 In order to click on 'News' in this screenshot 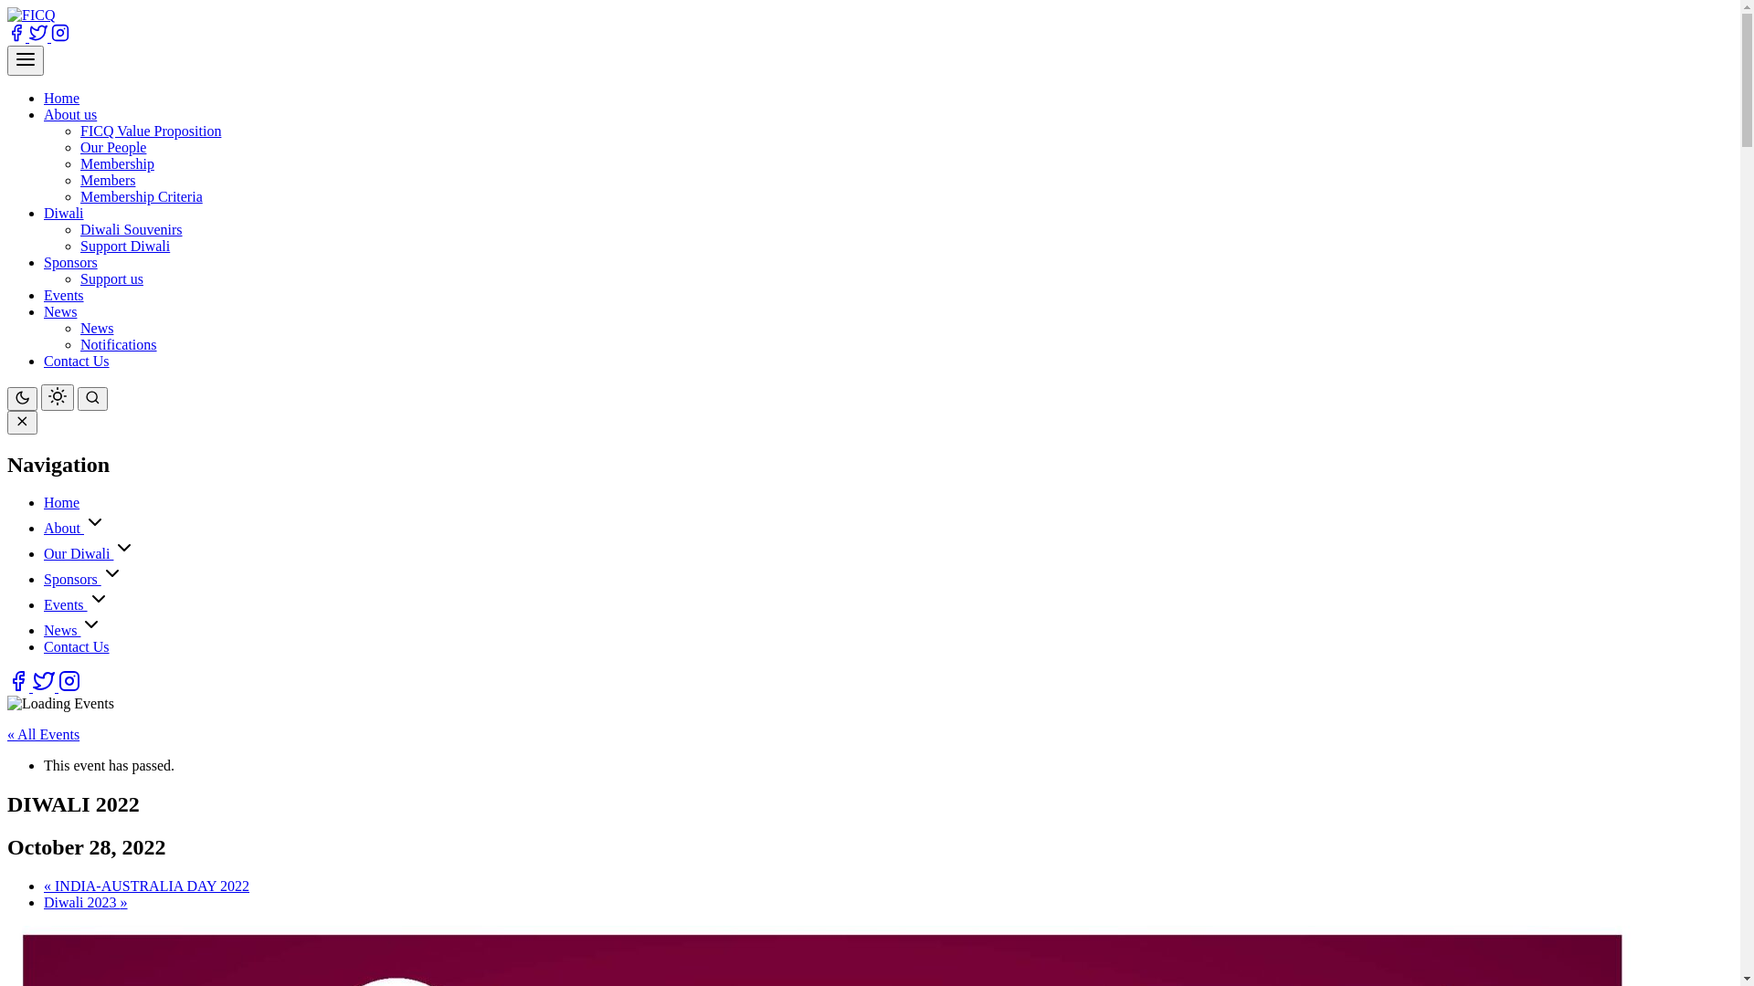, I will do `click(95, 327)`.